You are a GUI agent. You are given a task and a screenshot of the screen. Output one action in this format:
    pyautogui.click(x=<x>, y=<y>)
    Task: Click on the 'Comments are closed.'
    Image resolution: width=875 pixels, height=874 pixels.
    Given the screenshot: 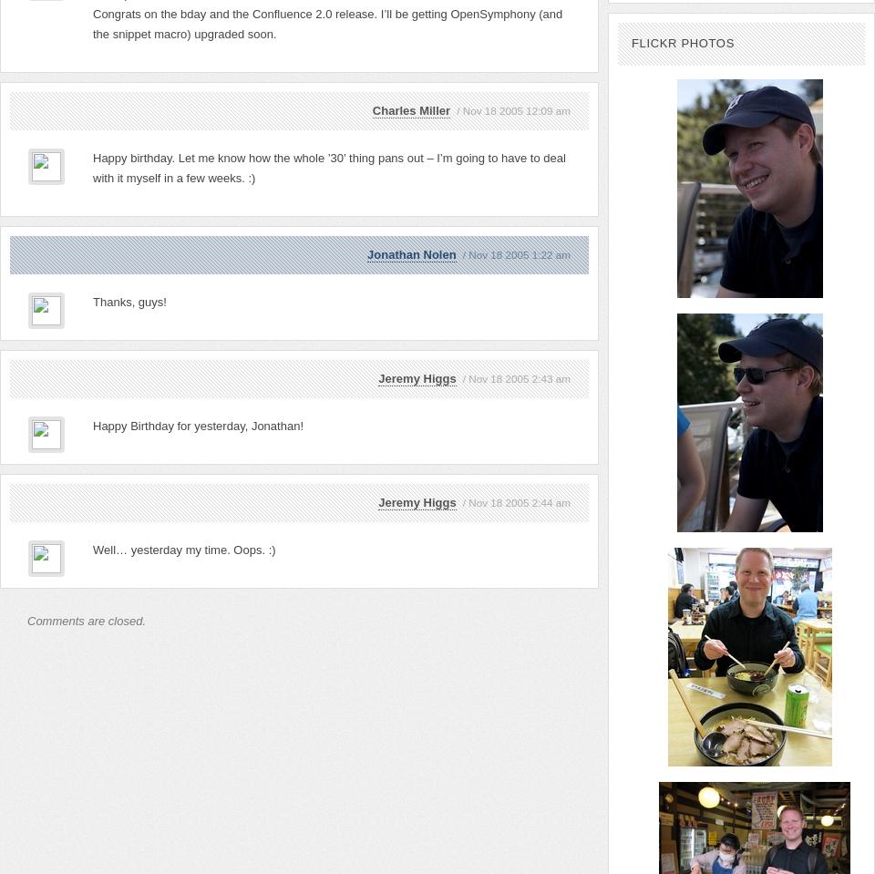 What is the action you would take?
    pyautogui.click(x=26, y=621)
    